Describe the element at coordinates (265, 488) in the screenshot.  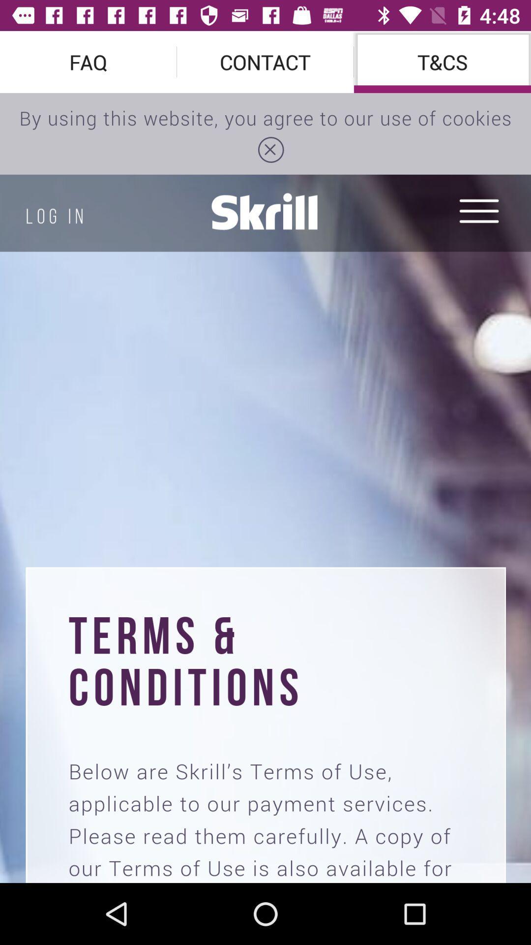
I see `share the article` at that location.